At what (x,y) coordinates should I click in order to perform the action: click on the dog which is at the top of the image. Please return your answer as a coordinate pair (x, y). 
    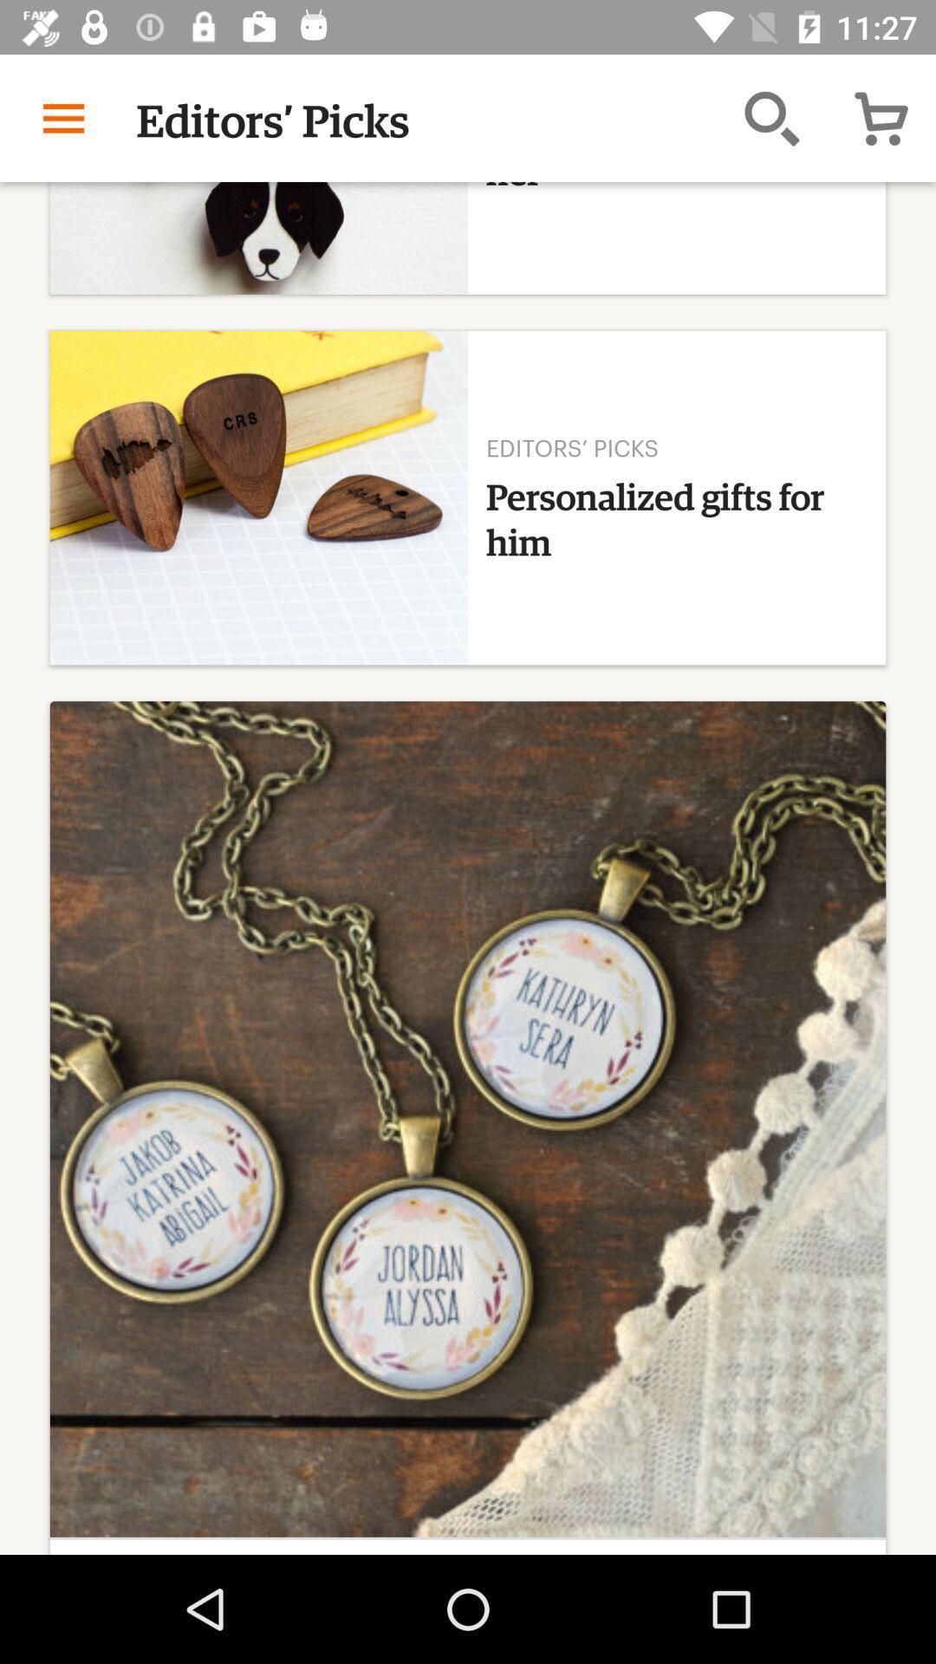
    Looking at the image, I should click on (259, 237).